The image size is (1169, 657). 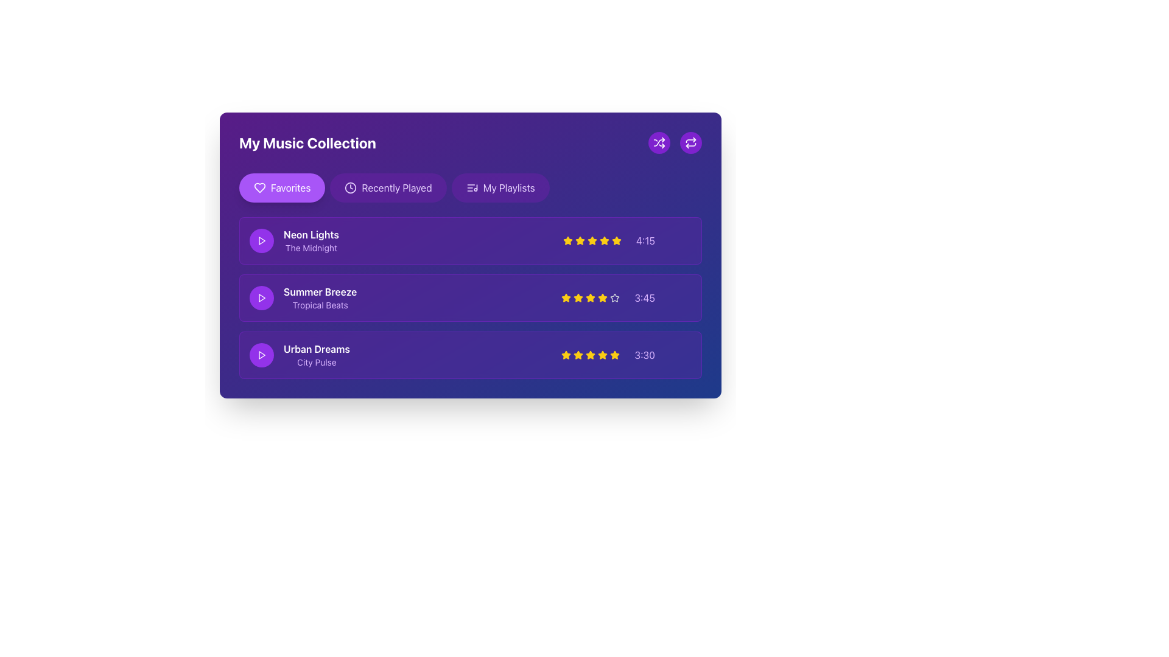 I want to click on the outer circular border of the clock icon representing the 'Recently Played' button in the 'My Music Collection' interface, so click(x=350, y=187).